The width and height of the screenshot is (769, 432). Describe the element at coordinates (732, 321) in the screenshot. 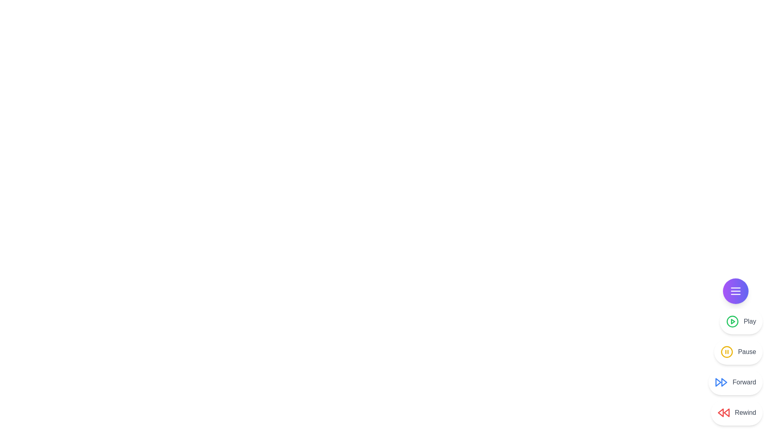

I see `the Play button to initiate playback` at that location.